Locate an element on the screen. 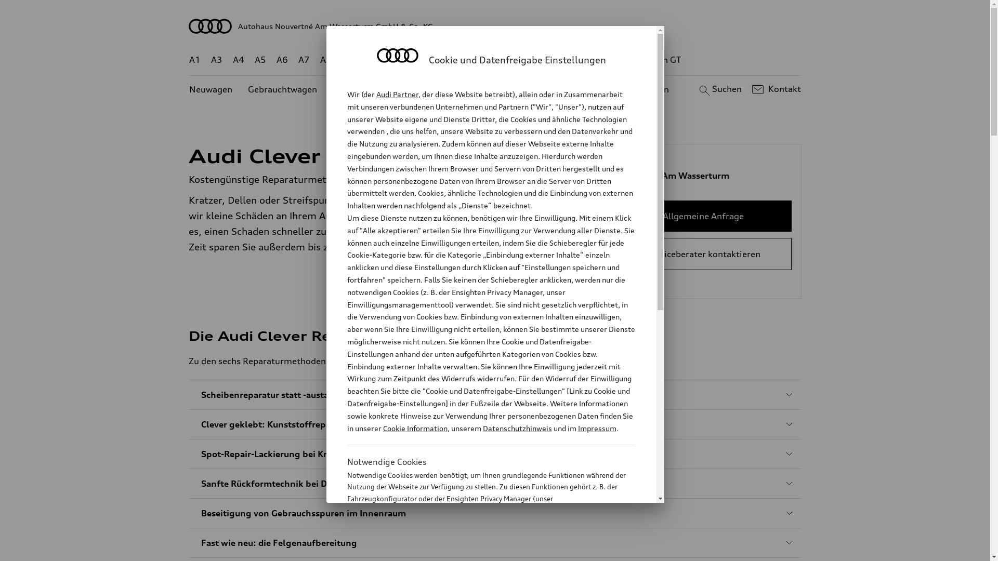  'Q2' is located at coordinates (348, 60).